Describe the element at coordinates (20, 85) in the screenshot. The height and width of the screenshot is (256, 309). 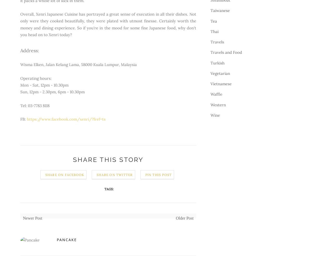
I see `'Mon - Sat, 12pm - 10.30pm'` at that location.